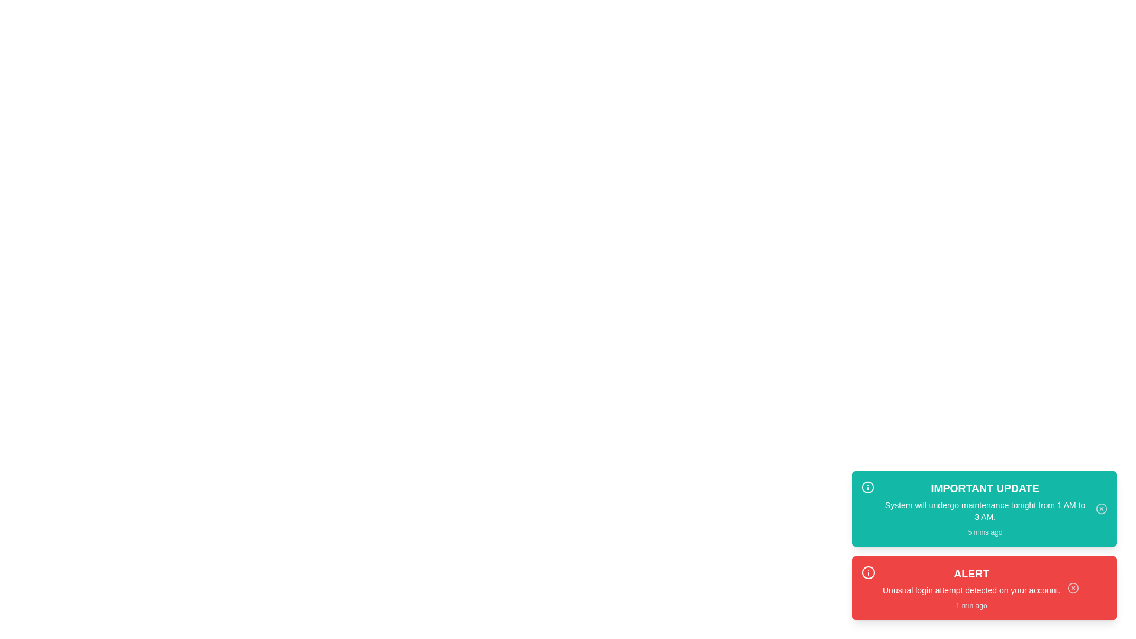  Describe the element at coordinates (868, 488) in the screenshot. I see `the icon for maintenance` at that location.